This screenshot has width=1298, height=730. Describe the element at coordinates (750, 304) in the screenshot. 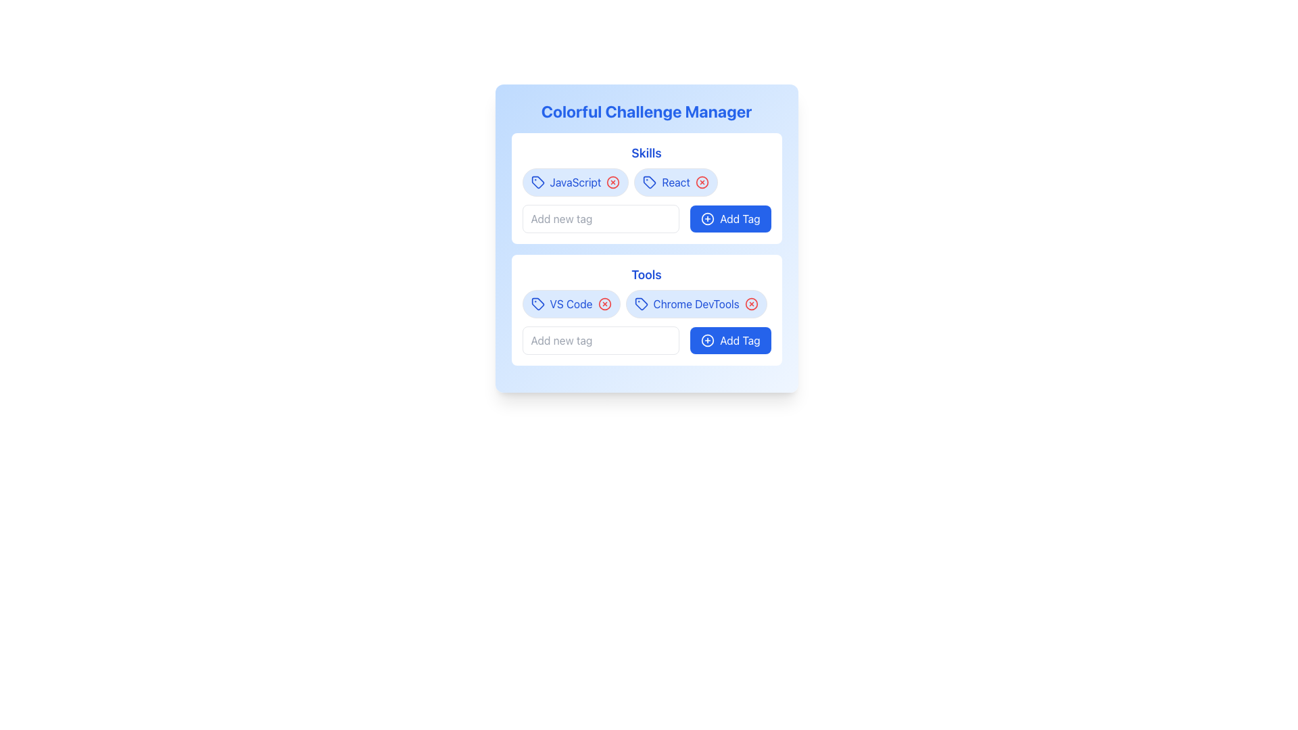

I see `the circular icon with a thin black border located in the top-right corner of the 'Chrome DevTools' tag within the 'Tools' section` at that location.